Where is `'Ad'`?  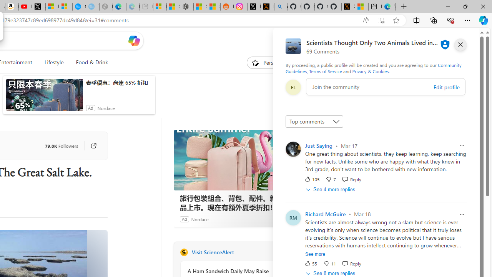
'Ad' is located at coordinates (184, 219).